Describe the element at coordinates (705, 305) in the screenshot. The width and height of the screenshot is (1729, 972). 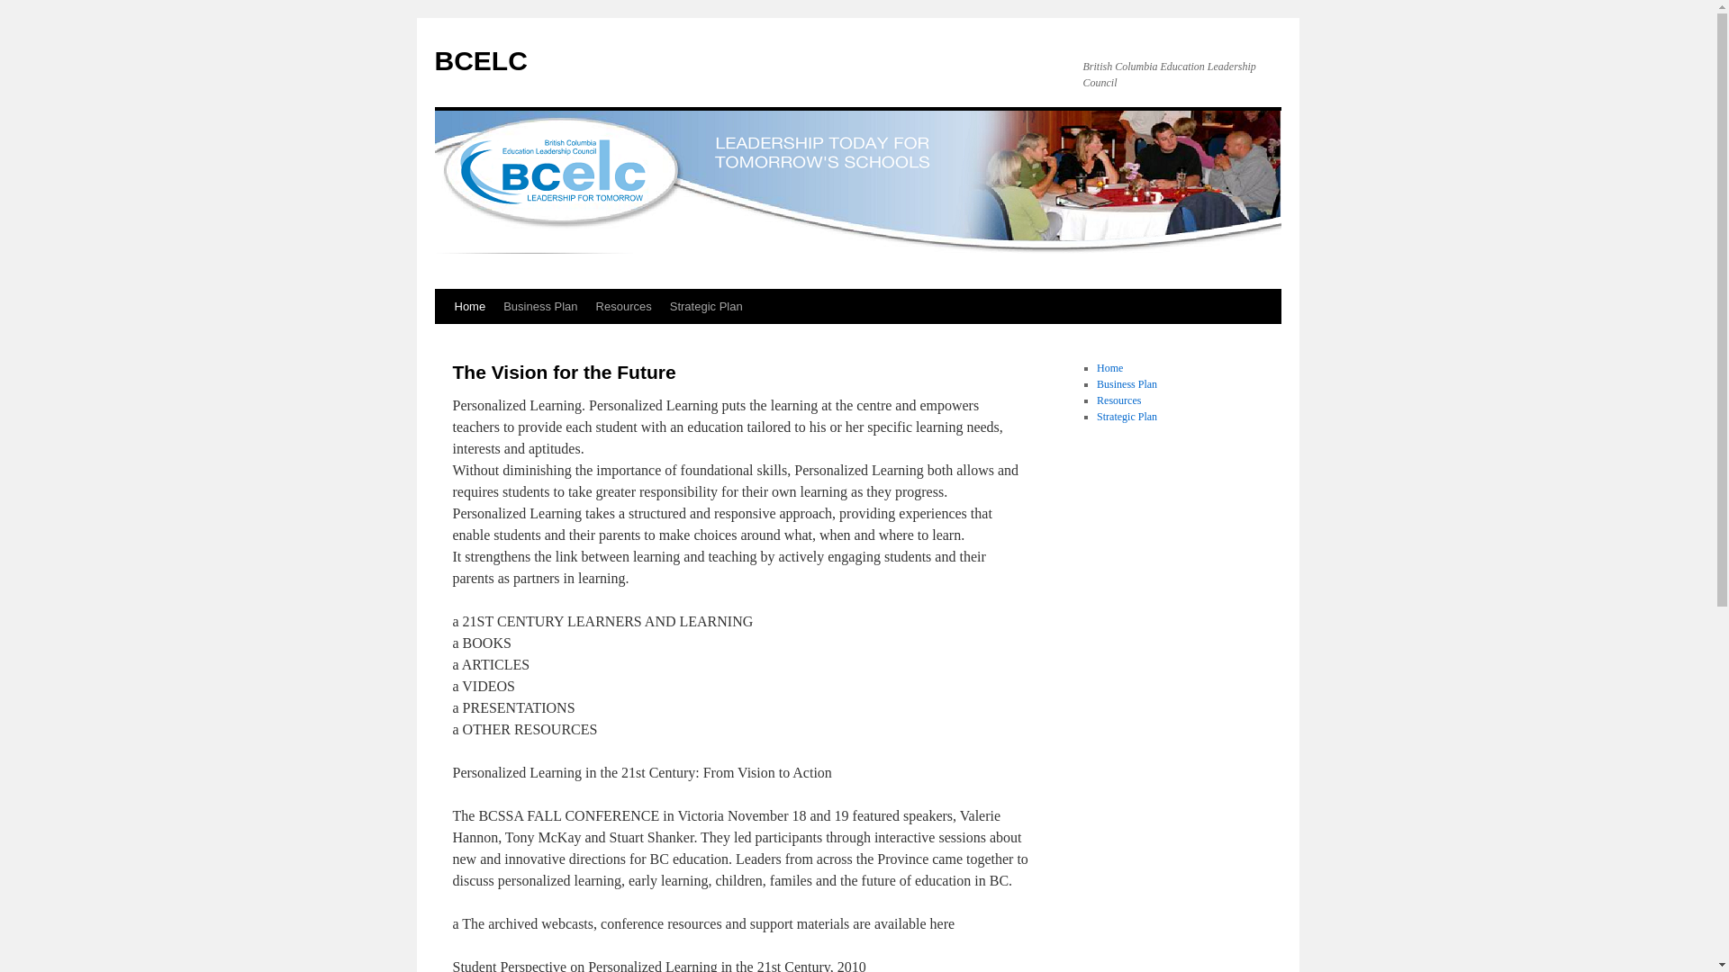
I see `'Strategic Plan'` at that location.